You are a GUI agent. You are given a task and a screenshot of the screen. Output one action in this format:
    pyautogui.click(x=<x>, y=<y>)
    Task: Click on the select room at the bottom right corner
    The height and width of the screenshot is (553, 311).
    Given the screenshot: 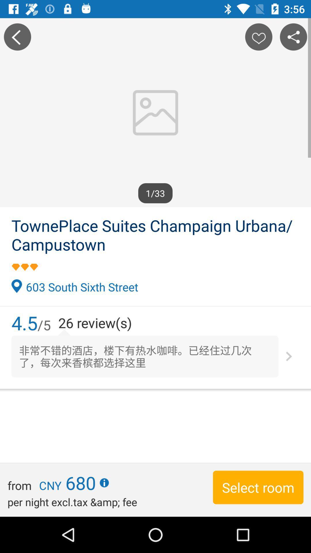 What is the action you would take?
    pyautogui.click(x=258, y=487)
    